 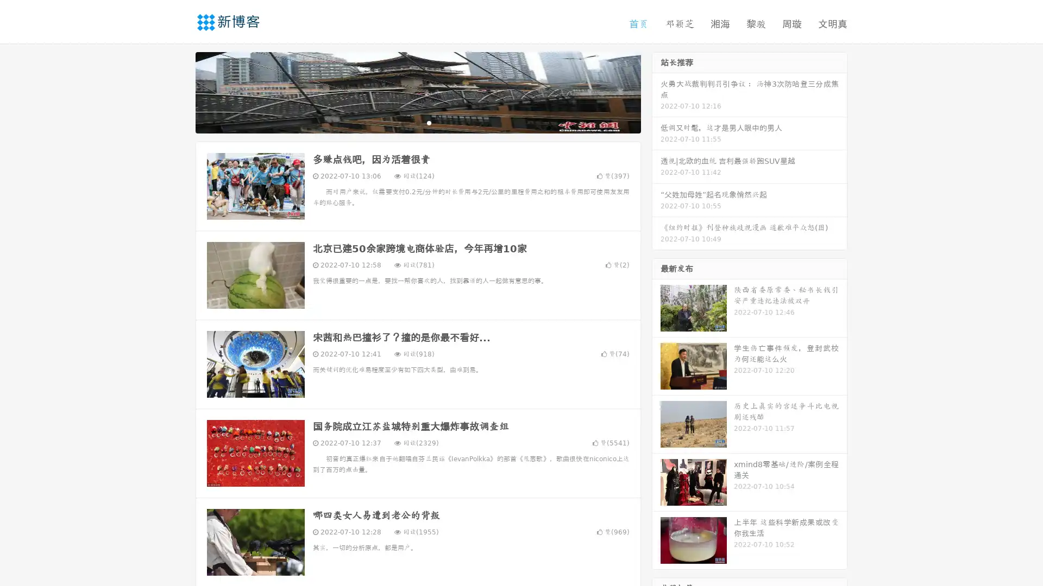 I want to click on Previous slide, so click(x=179, y=91).